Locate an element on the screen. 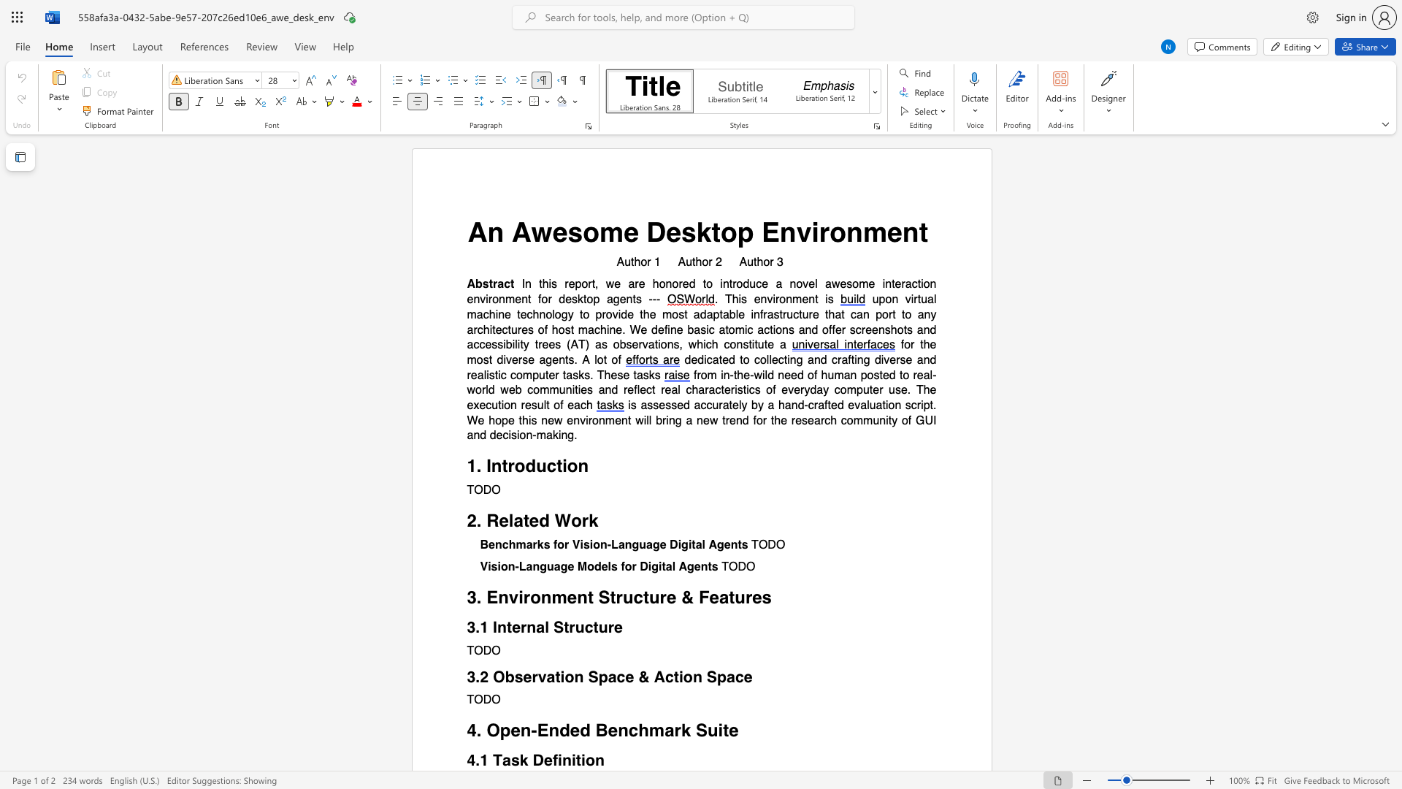 The height and width of the screenshot is (789, 1402). the subset text "This enviro" within the text ". This environment is" is located at coordinates (724, 299).